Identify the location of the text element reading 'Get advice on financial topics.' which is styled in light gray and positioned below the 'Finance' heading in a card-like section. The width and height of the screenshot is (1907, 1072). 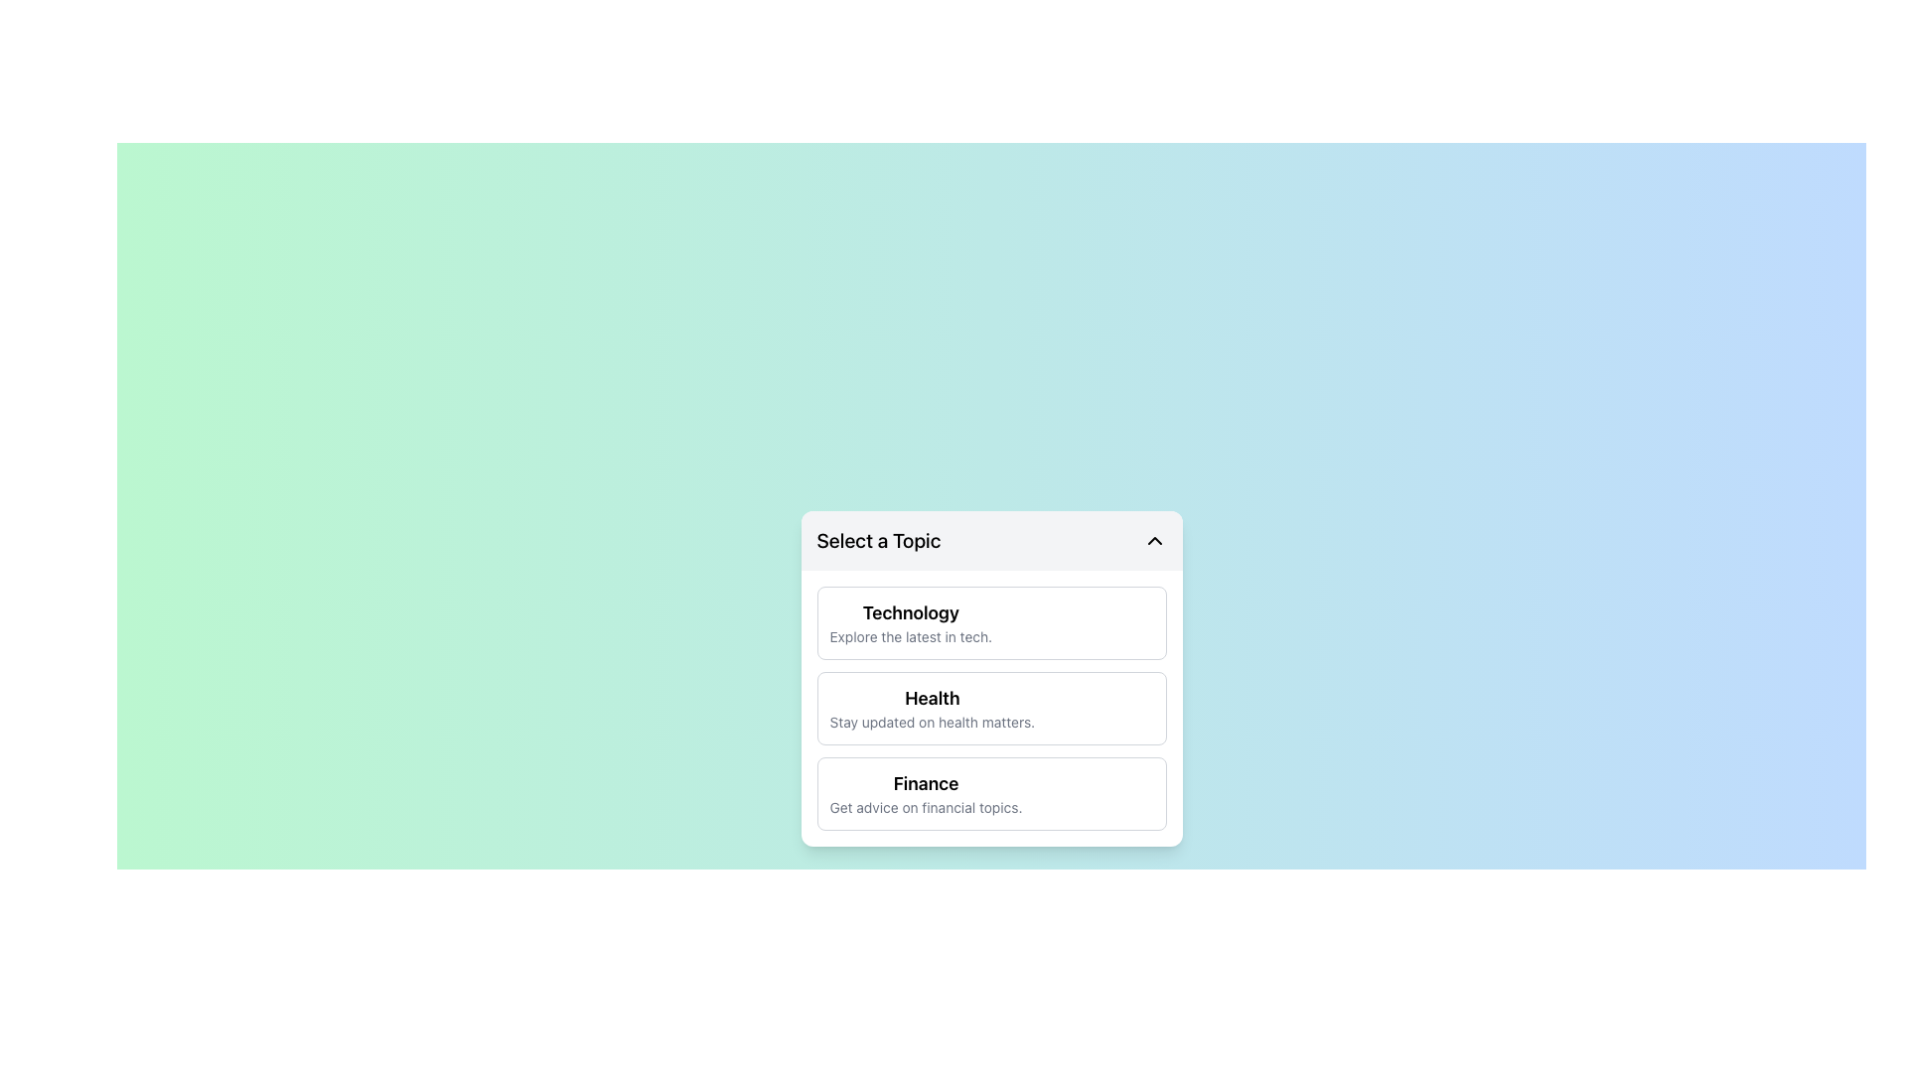
(925, 807).